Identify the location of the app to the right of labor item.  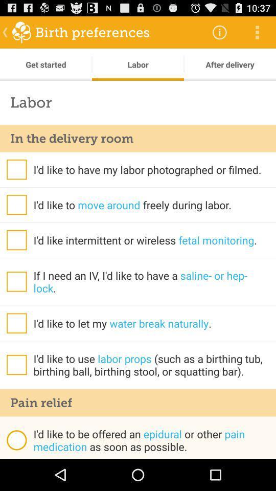
(219, 32).